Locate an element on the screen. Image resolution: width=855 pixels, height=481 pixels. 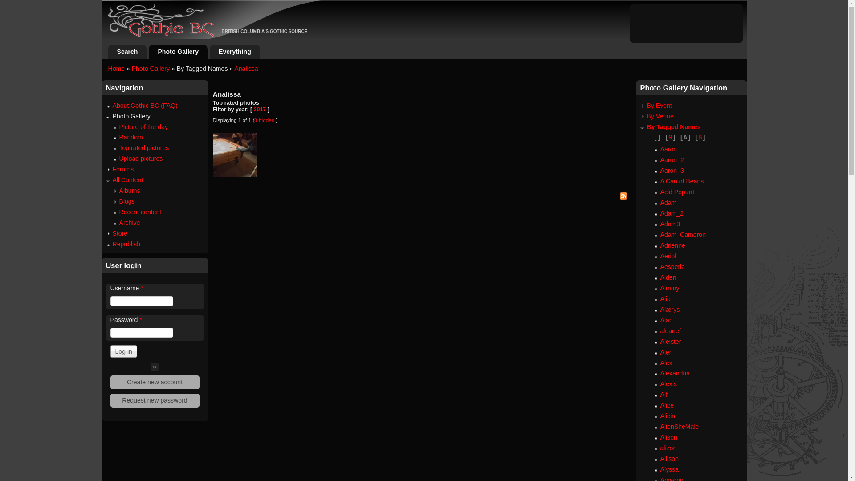
'About Gothic BC (FAQ)' is located at coordinates (145, 105).